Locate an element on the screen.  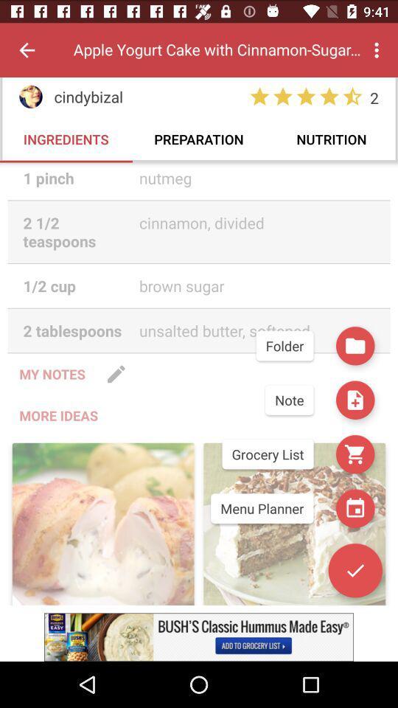
the check icon is located at coordinates (355, 569).